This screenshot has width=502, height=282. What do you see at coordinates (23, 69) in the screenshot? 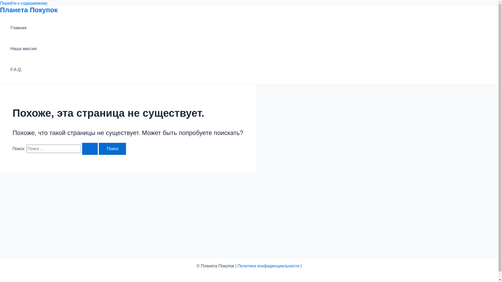
I see `'F.A.Q.'` at bounding box center [23, 69].